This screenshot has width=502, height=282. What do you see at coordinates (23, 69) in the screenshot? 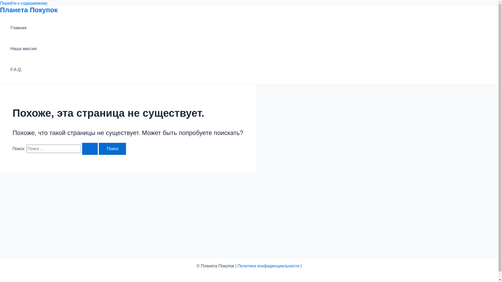
I see `'F.A.Q.'` at bounding box center [23, 69].